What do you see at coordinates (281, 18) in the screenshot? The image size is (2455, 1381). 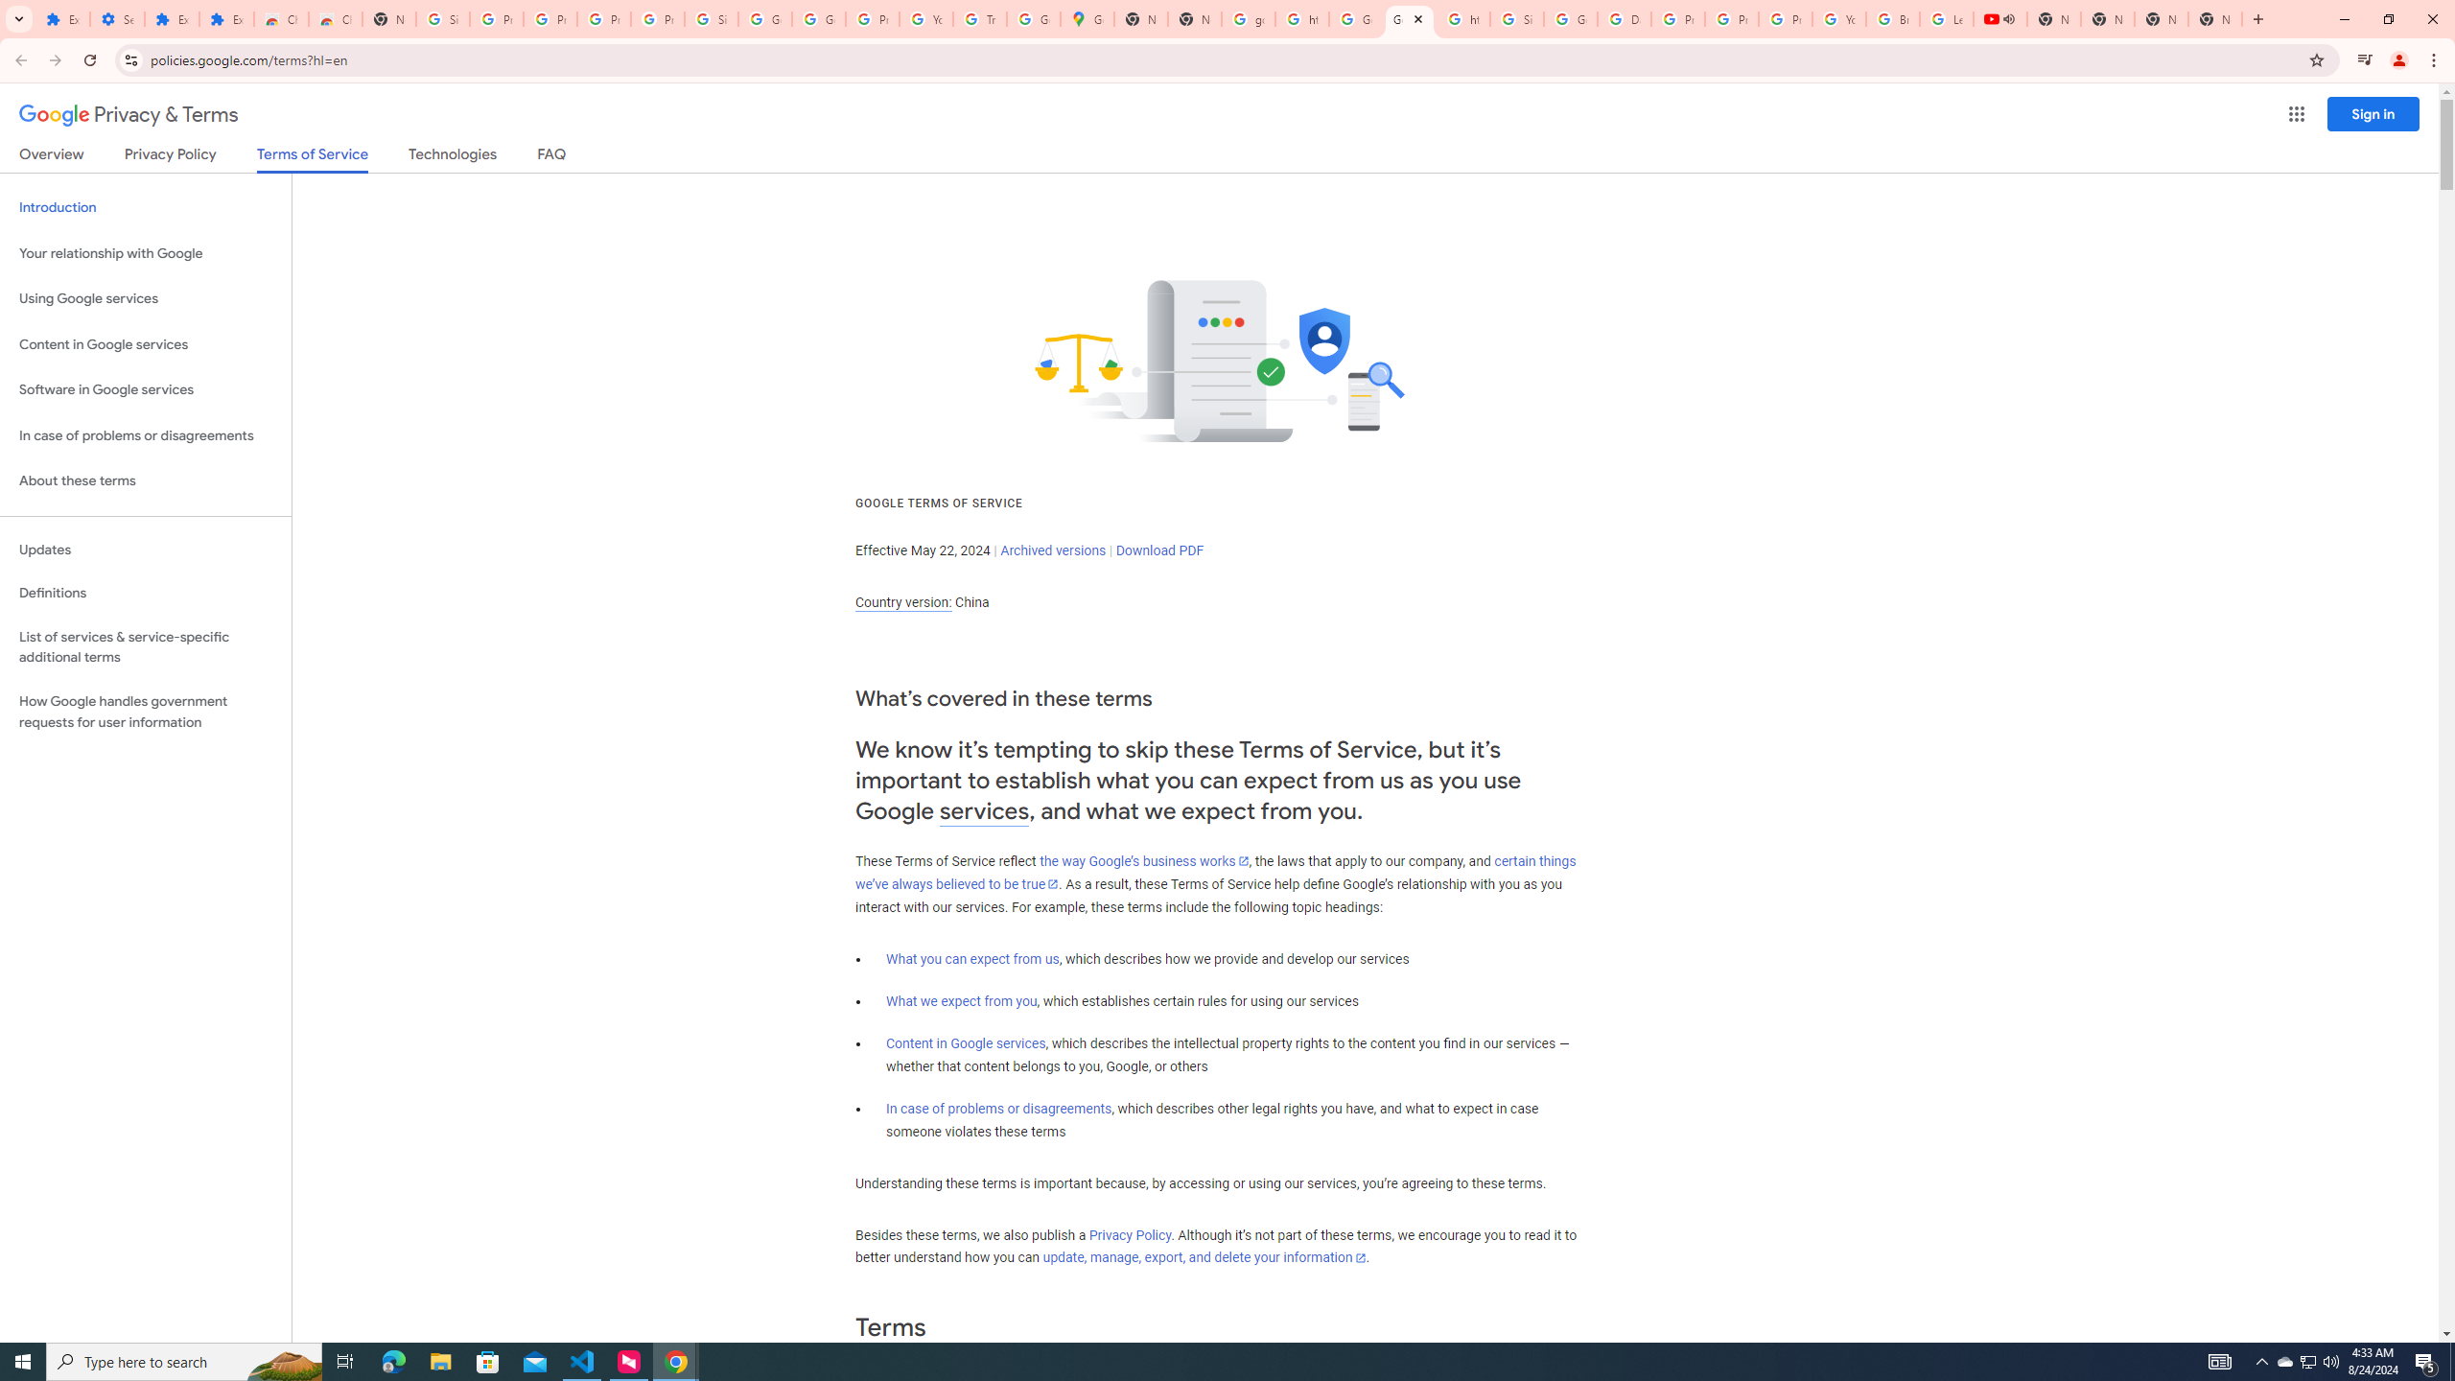 I see `'Chrome Web Store'` at bounding box center [281, 18].